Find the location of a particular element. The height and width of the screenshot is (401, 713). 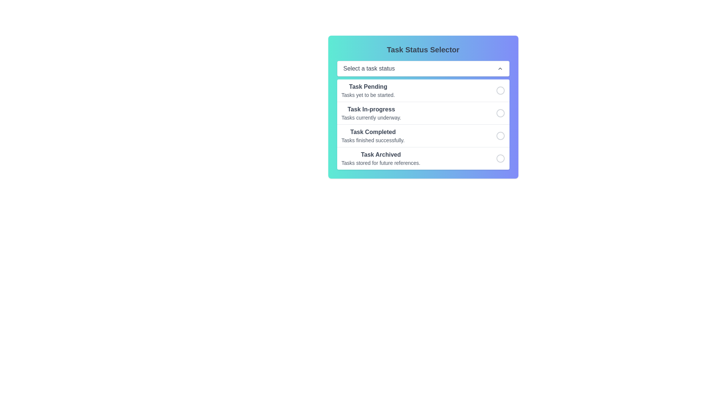

the 'Task Pending' radio button is located at coordinates (500, 90).